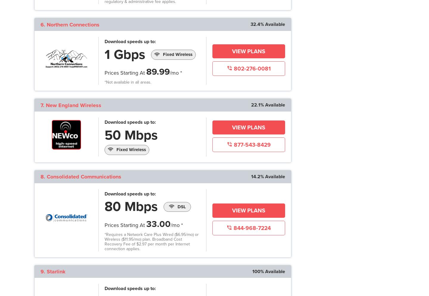 This screenshot has width=429, height=296. Describe the element at coordinates (251, 228) in the screenshot. I see `'844-968-7224'` at that location.